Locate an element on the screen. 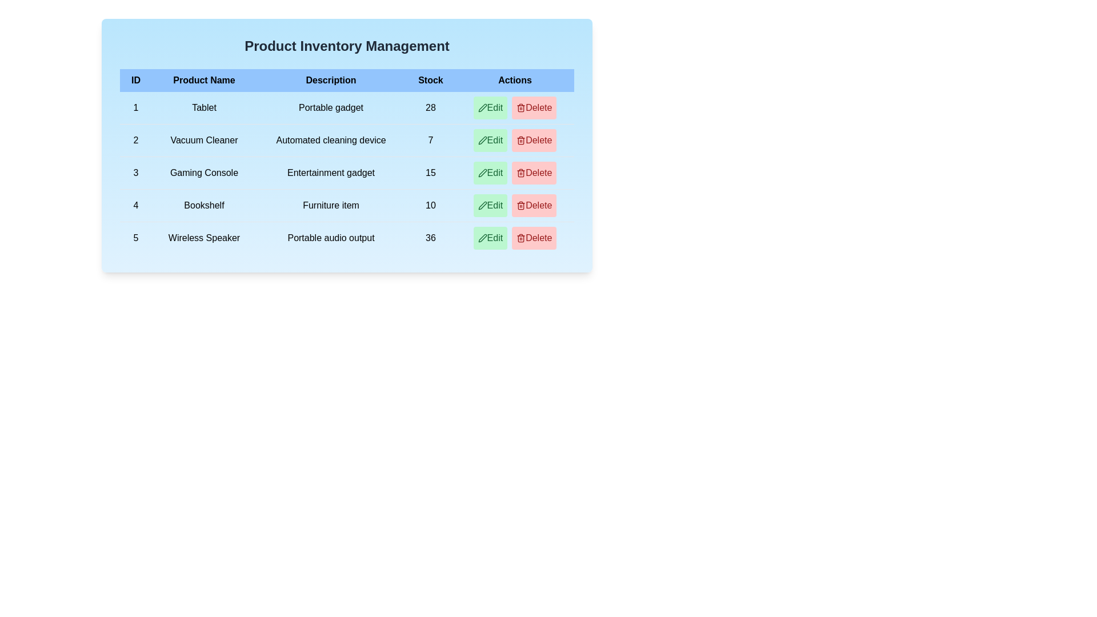 This screenshot has width=1097, height=617. the non-interactive label indicating the product name located in the second cell of the fifth row of the inventory table, which is positioned to the right of the '5' cell and to the left of the 'Description' column's cell 'Portable audio output' is located at coordinates (204, 237).